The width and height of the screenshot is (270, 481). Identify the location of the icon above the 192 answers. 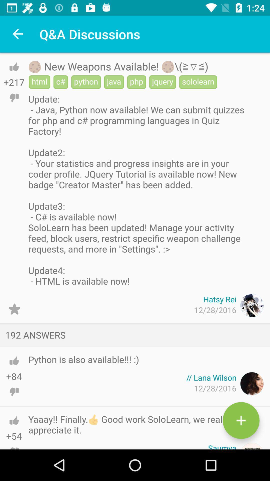
(14, 309).